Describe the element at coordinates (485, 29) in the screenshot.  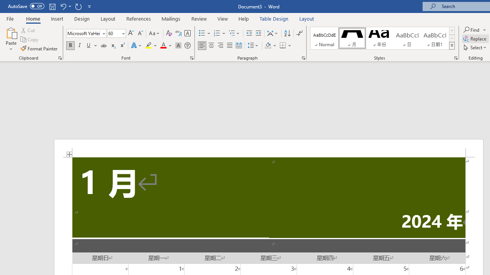
I see `'More Options'` at that location.